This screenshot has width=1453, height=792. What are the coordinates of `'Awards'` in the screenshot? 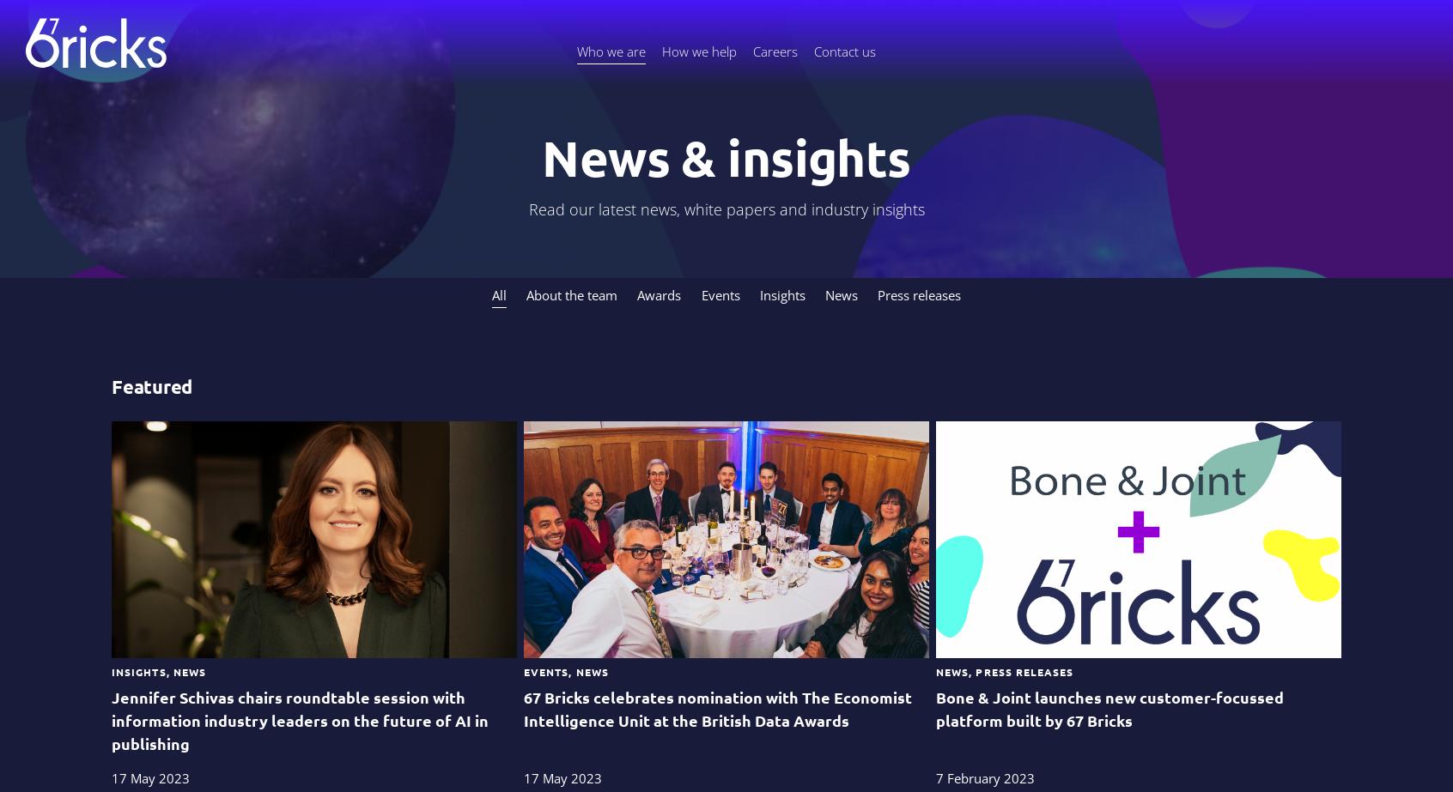 It's located at (658, 295).